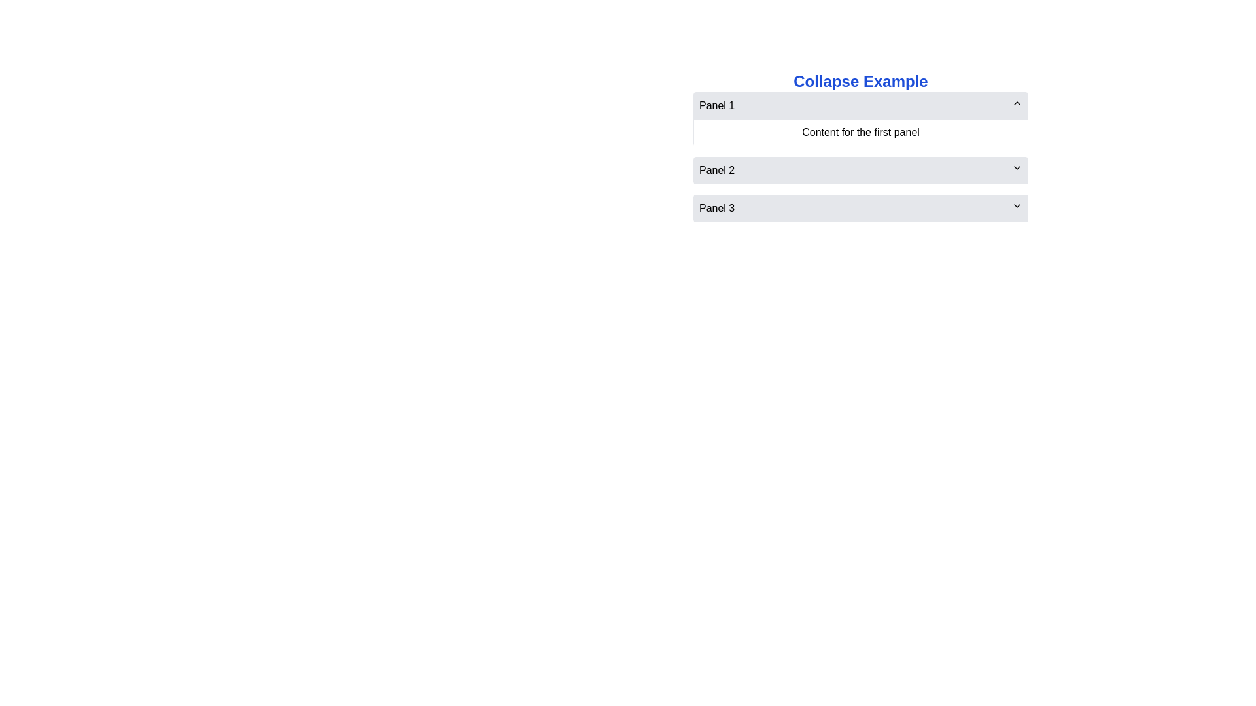  Describe the element at coordinates (716, 105) in the screenshot. I see `the content of the 'Panel 1' text label, which identifies the first collapsible panel in the interface` at that location.